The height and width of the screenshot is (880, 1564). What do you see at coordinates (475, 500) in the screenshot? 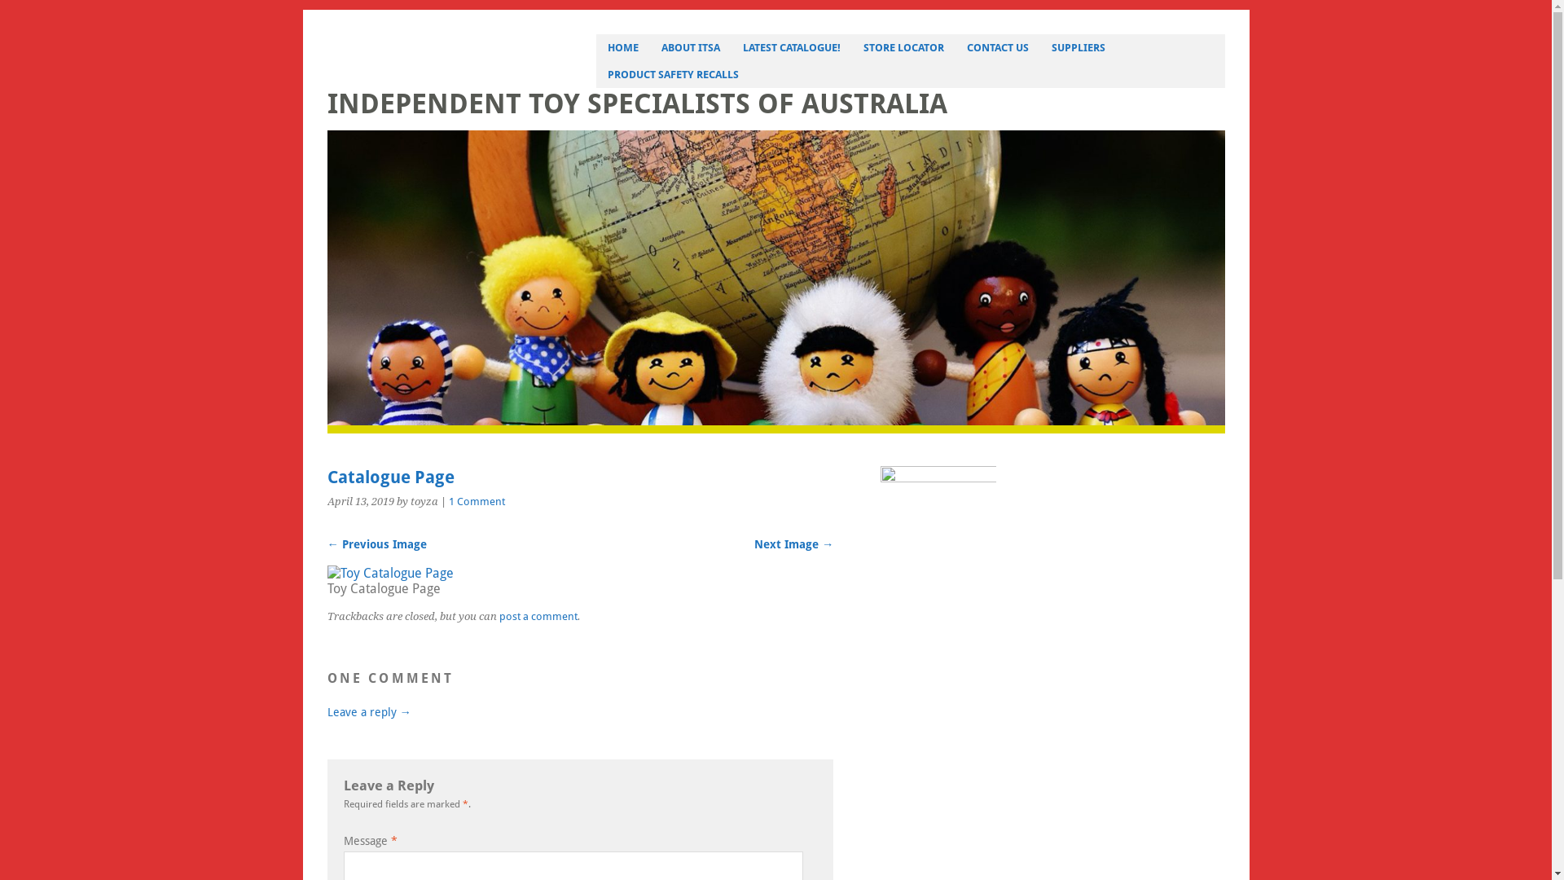
I see `'1 Comment'` at bounding box center [475, 500].